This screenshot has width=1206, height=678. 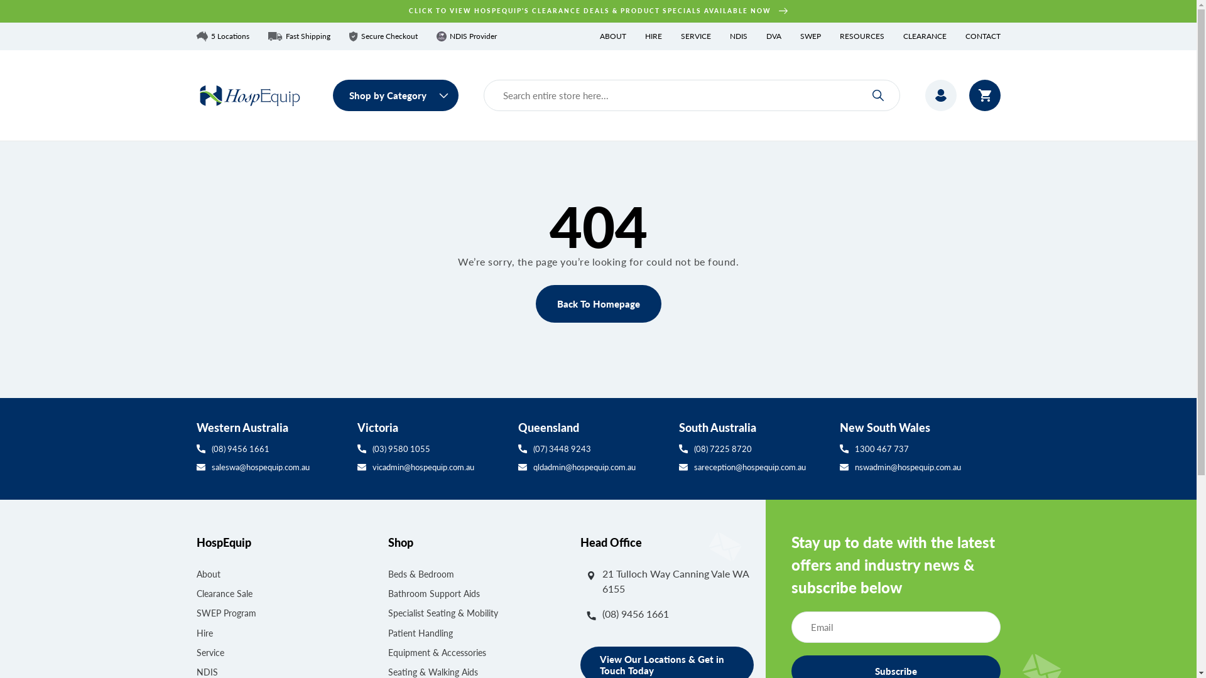 I want to click on 'Bathroom Support Aids', so click(x=388, y=593).